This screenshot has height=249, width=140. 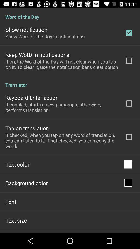 What do you see at coordinates (70, 82) in the screenshot?
I see `the translator icon` at bounding box center [70, 82].